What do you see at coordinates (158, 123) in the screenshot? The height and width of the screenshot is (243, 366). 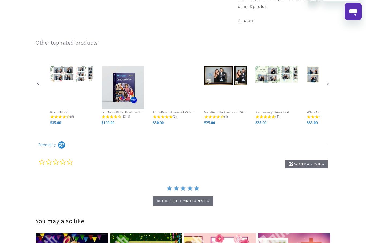 I see `'$50.00'` at bounding box center [158, 123].